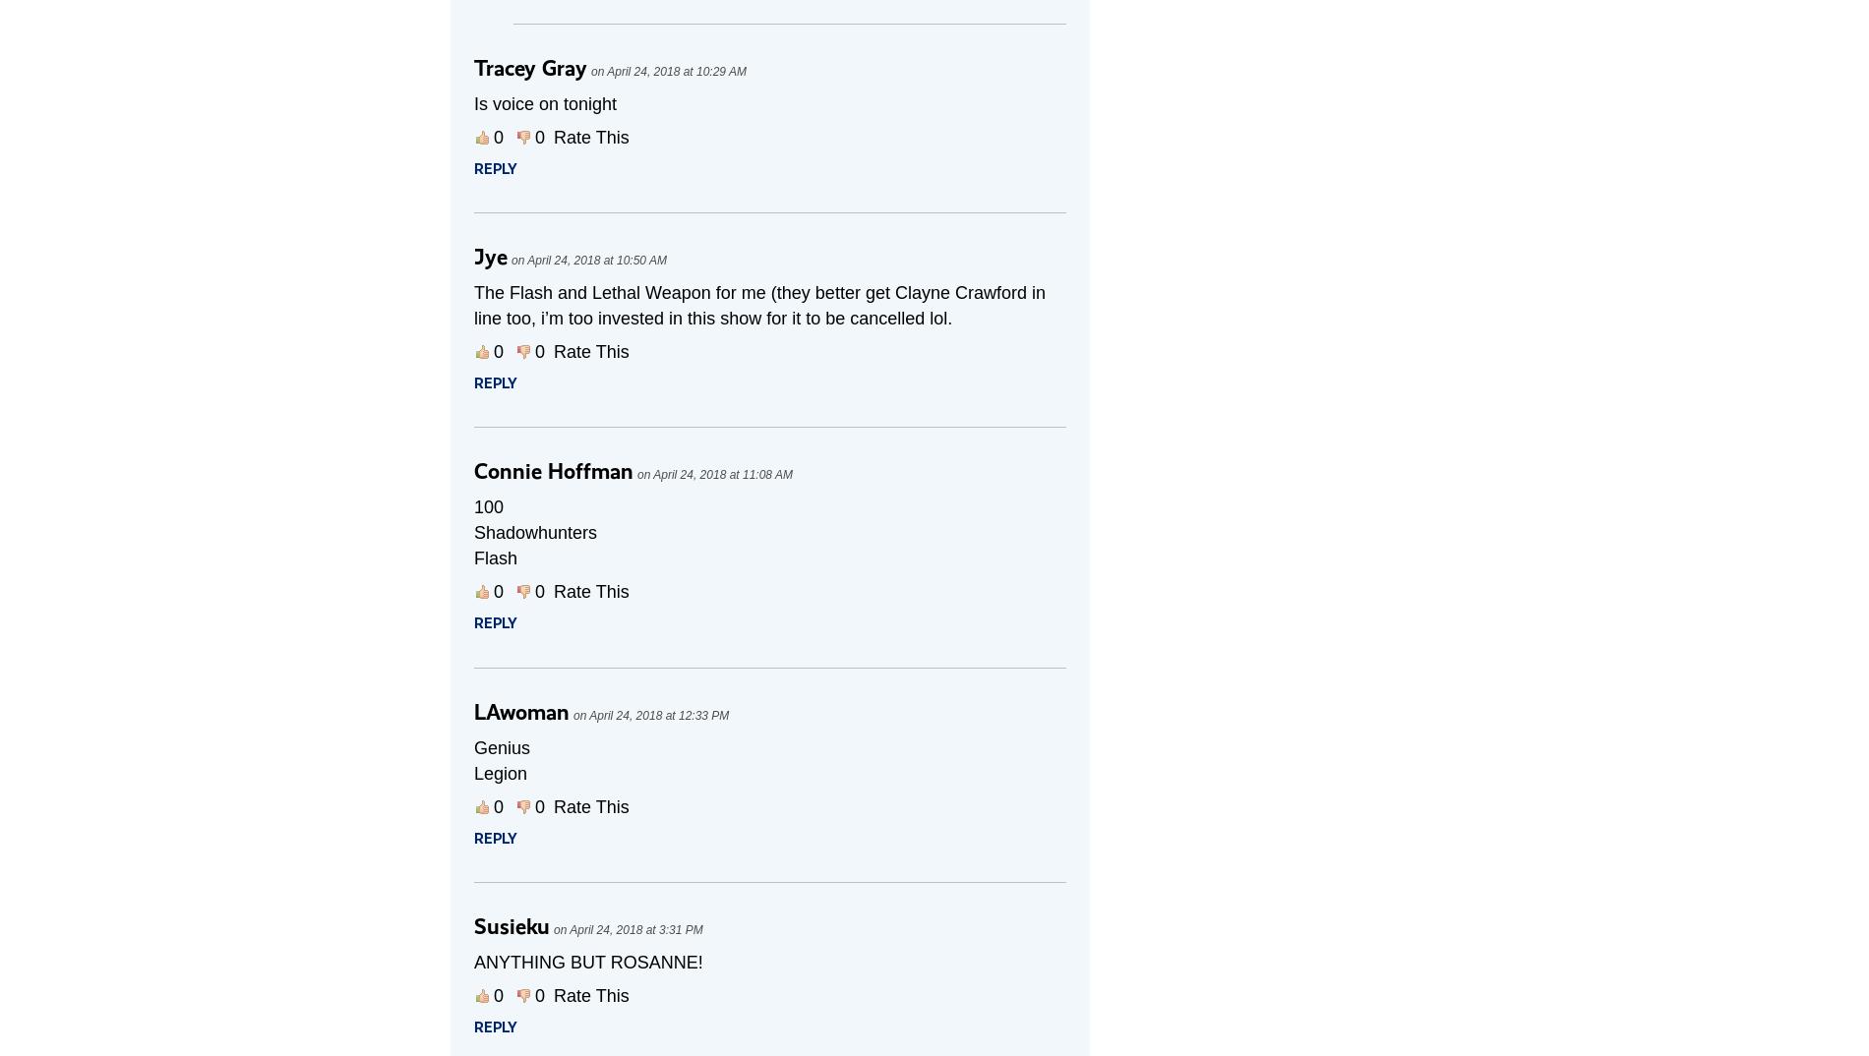  Describe the element at coordinates (596, 259) in the screenshot. I see `'April 24, 2018 at 10:50 AM'` at that location.